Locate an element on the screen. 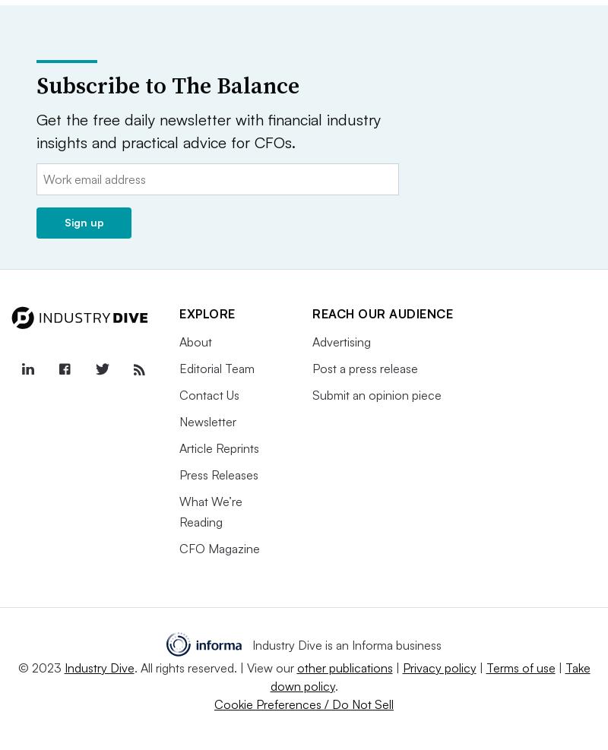  'Cookie Preferences / Do Not Sell' is located at coordinates (304, 704).